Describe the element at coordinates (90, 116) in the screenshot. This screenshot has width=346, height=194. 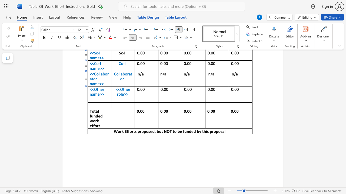
I see `the 1th character "f" in the text` at that location.